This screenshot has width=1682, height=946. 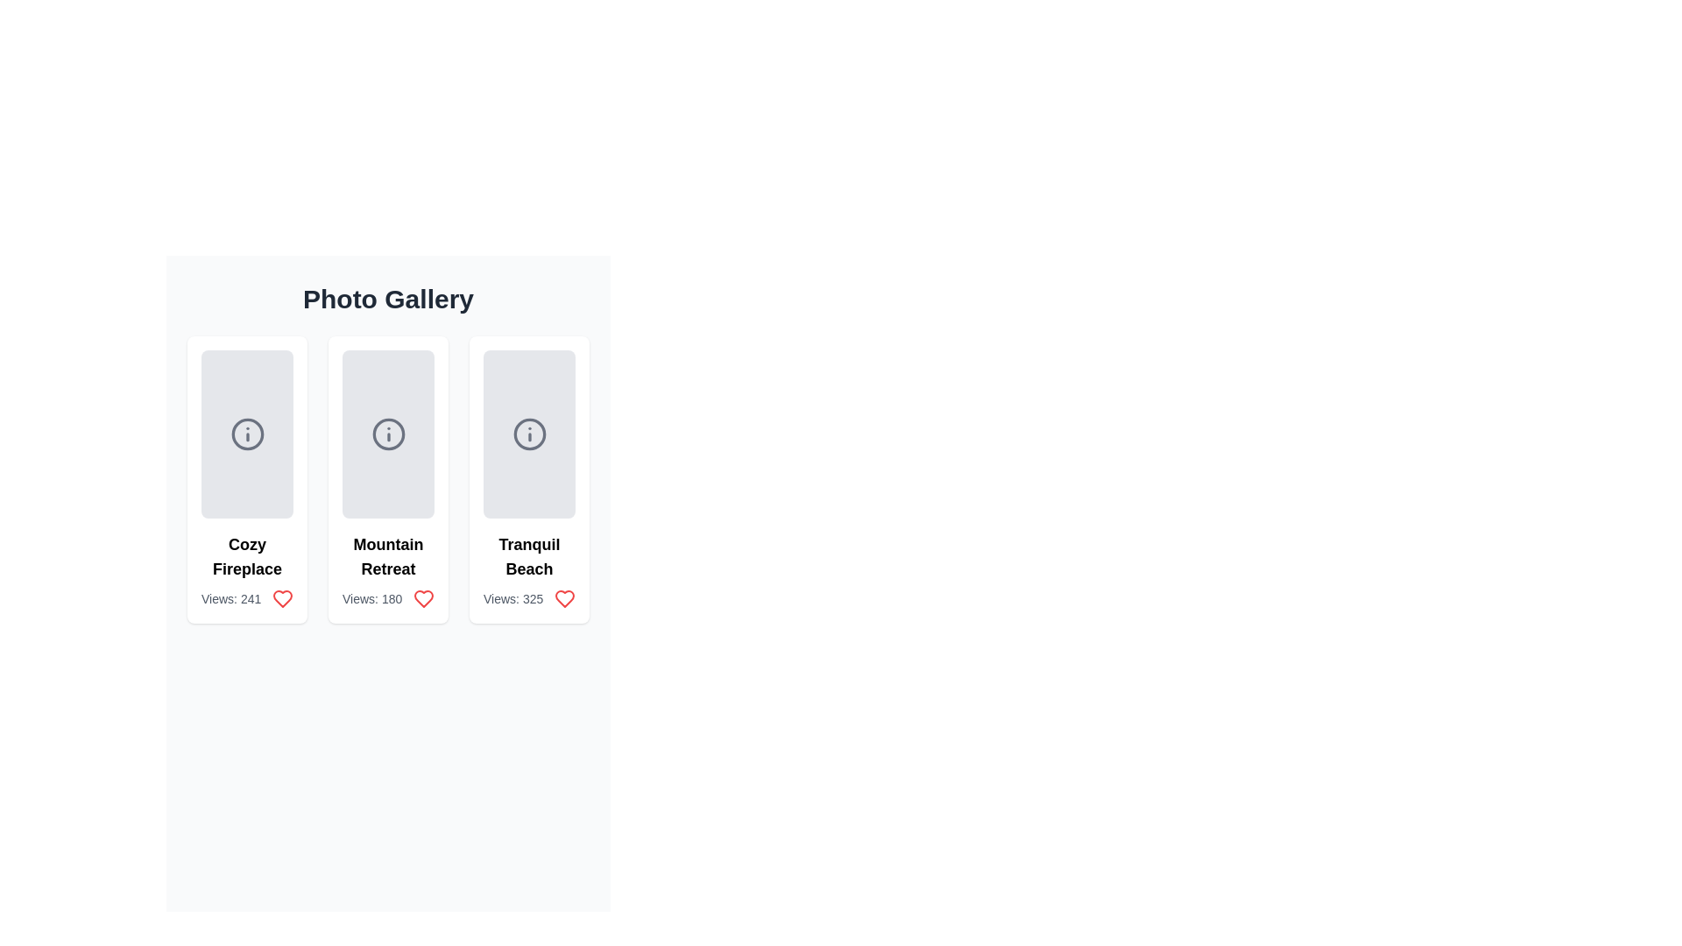 What do you see at coordinates (387, 557) in the screenshot?
I see `bold text label displaying 'Mountain Retreat' located in the middle card of the horizontally aligned row of cards under the 'Photo Gallery' title` at bounding box center [387, 557].